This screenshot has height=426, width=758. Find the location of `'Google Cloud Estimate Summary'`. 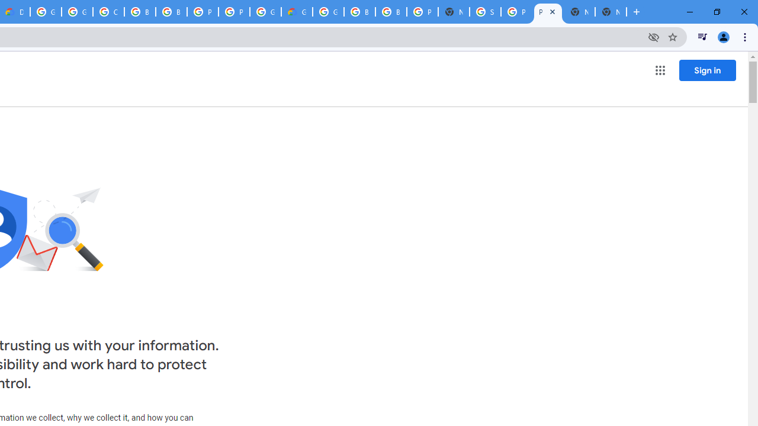

'Google Cloud Estimate Summary' is located at coordinates (297, 12).